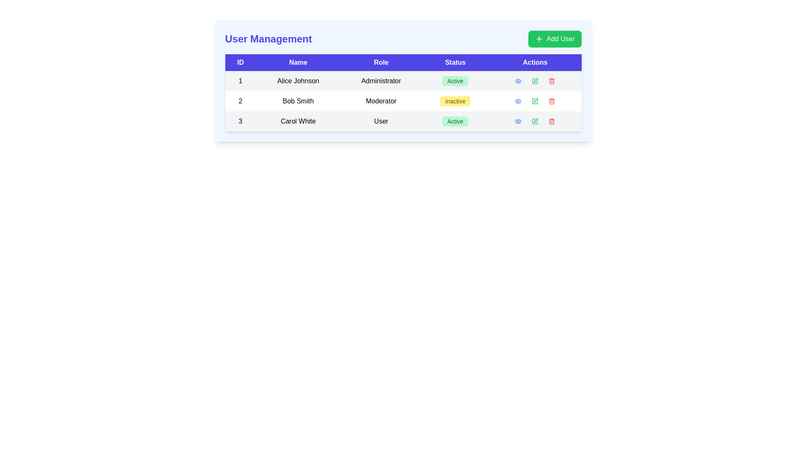 Image resolution: width=807 pixels, height=454 pixels. I want to click on the delete button, represented by a trash icon, located in the 'Actions' column of the third row in the user management table, so click(552, 121).